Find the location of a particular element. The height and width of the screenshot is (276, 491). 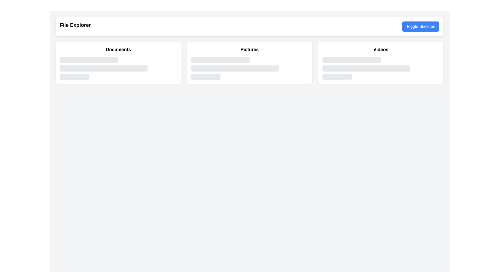

the second horizontal rectangular Placeholder/Skeleton Loader element with rounded edges and gray color in the 'Documents' section of the interface is located at coordinates (103, 68).